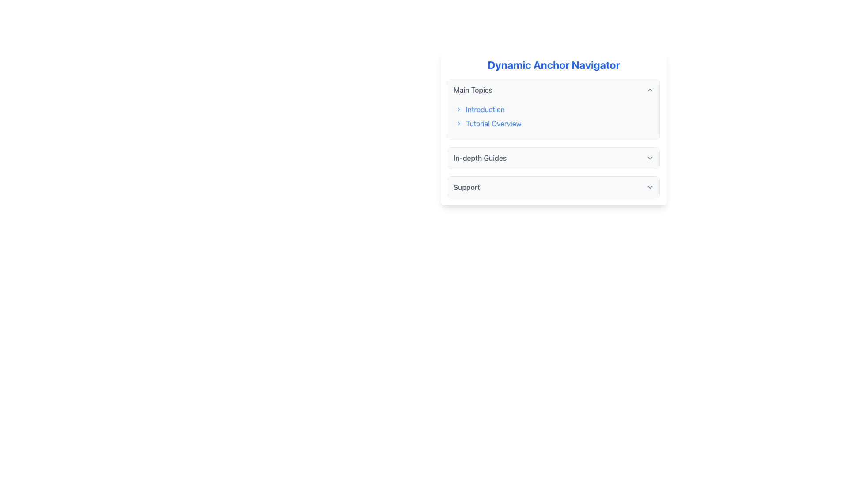  I want to click on the collapsible menu item labeled 'In-depth Guides' in the 'Dynamic Anchor Navigator' panel, so click(553, 158).